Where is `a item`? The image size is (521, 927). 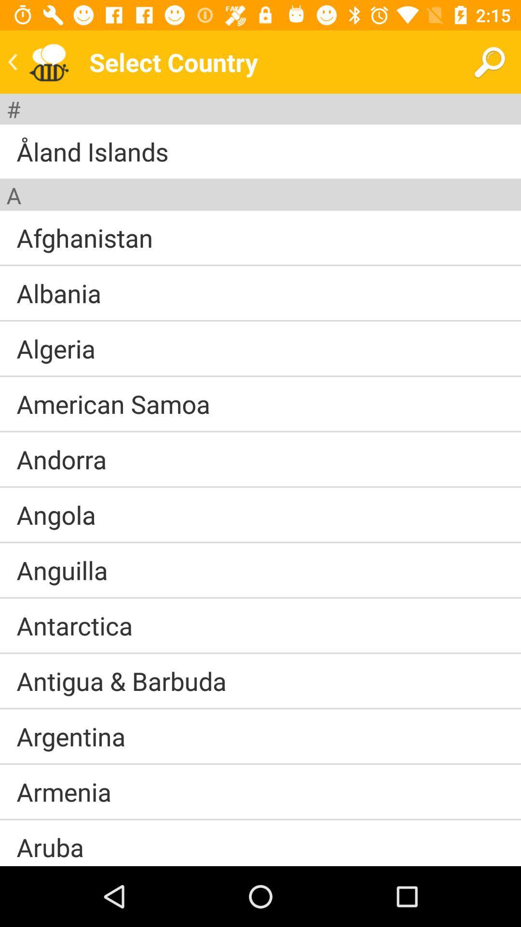 a item is located at coordinates (14, 195).